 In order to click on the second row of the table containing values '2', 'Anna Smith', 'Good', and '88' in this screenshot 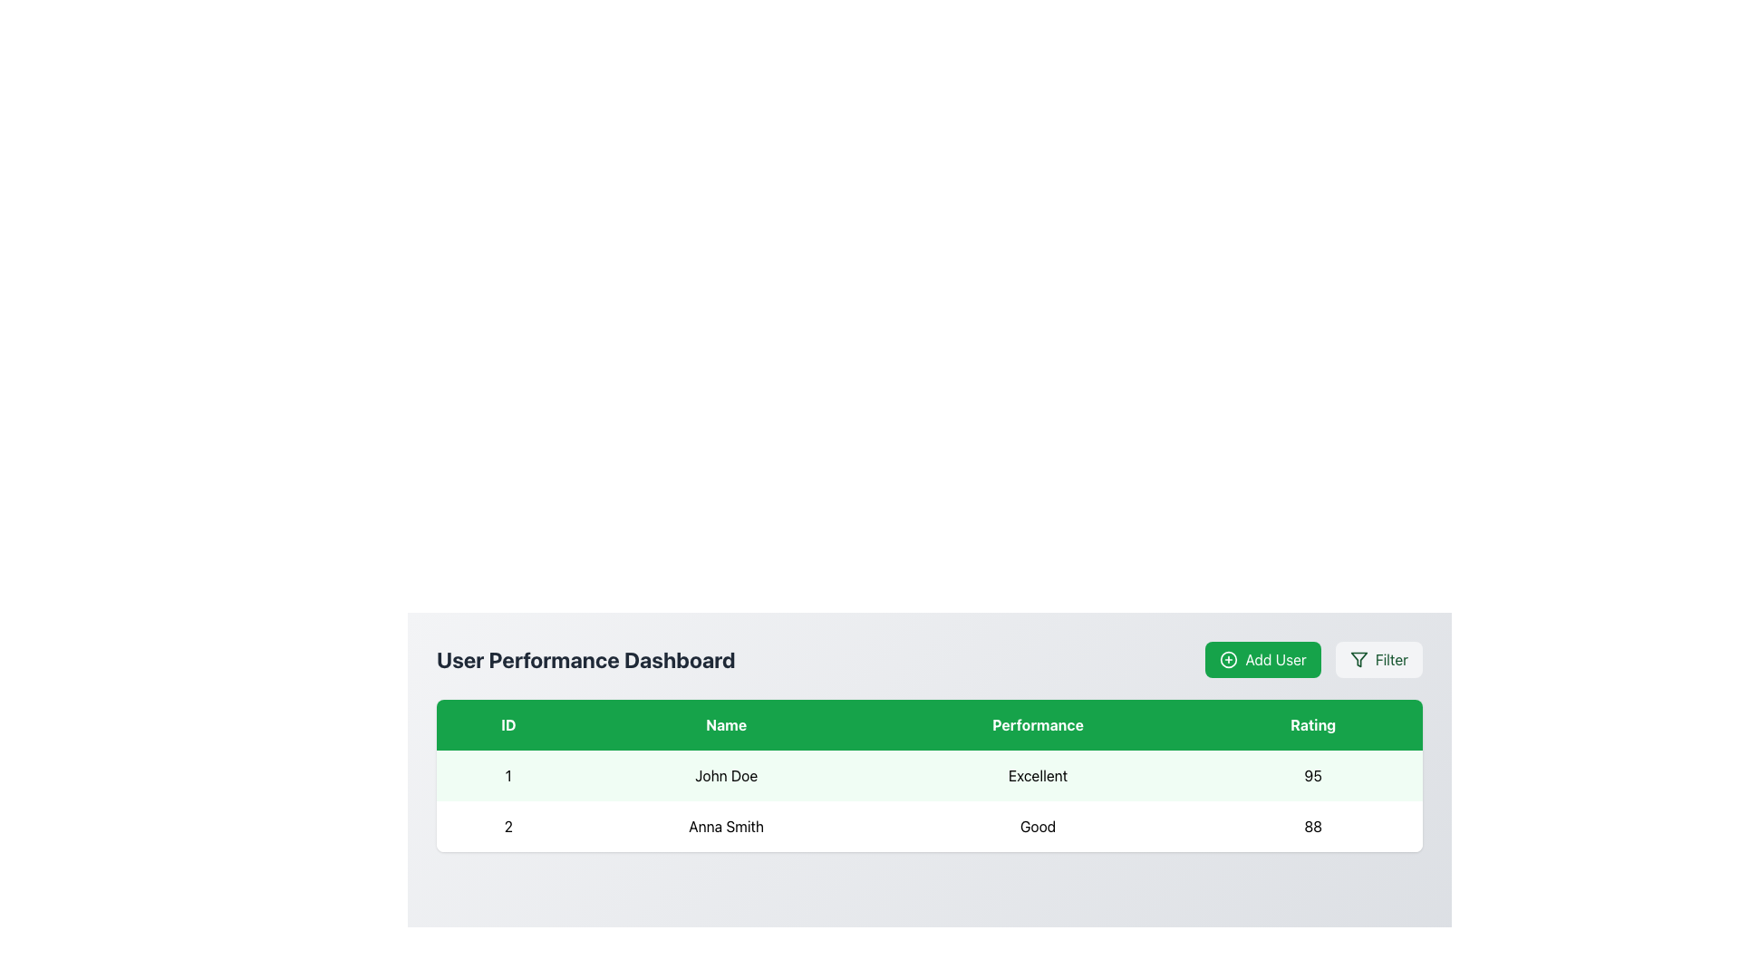, I will do `click(930, 826)`.